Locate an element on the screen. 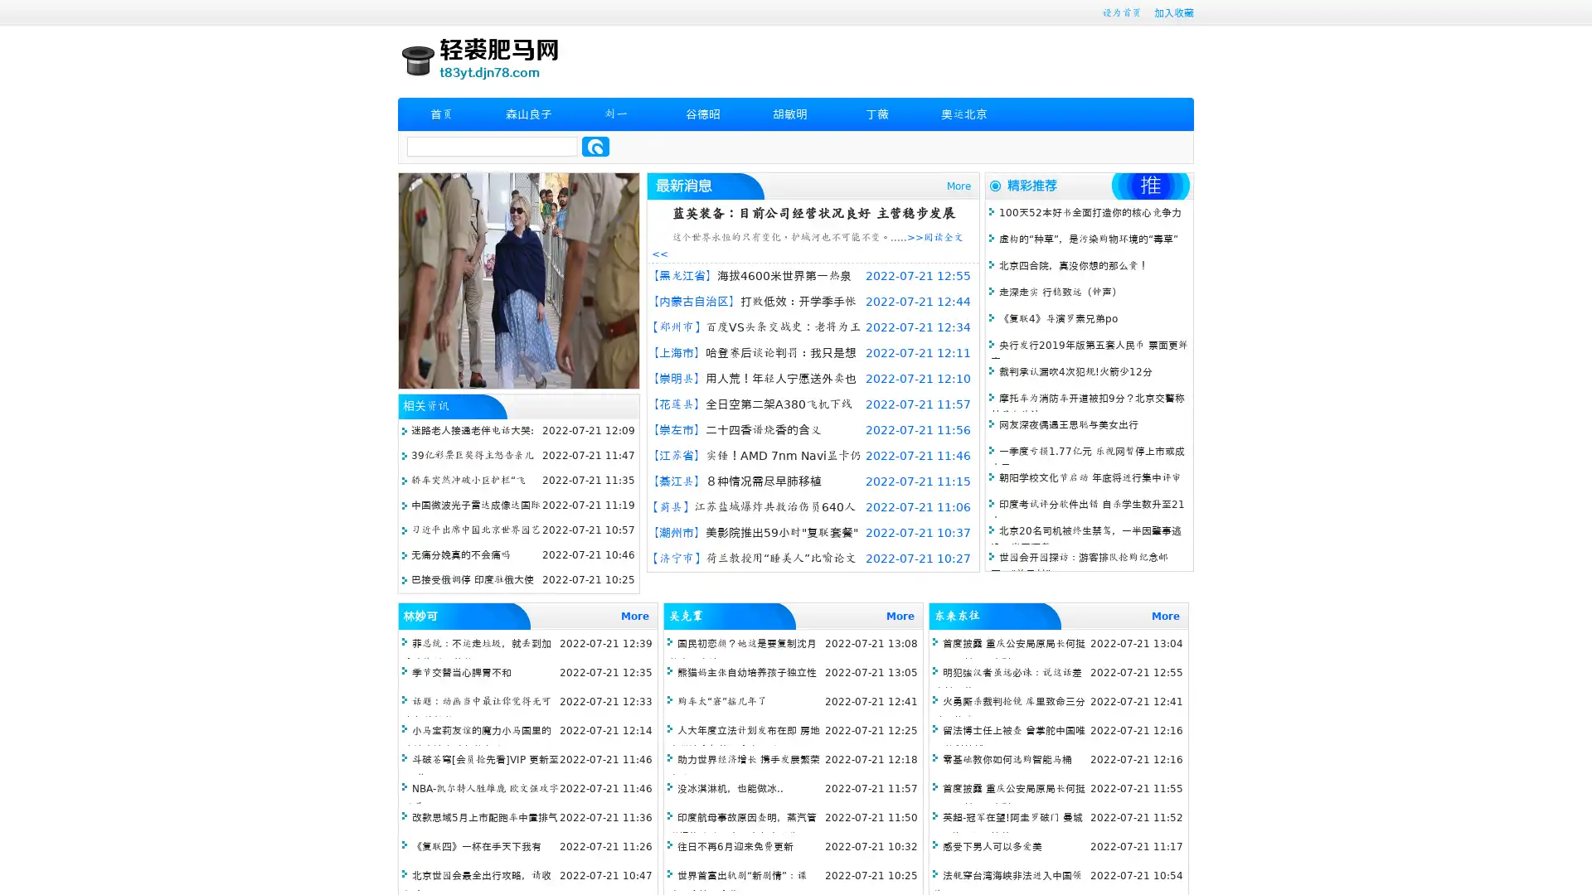 This screenshot has height=895, width=1592. Search is located at coordinates (595, 146).